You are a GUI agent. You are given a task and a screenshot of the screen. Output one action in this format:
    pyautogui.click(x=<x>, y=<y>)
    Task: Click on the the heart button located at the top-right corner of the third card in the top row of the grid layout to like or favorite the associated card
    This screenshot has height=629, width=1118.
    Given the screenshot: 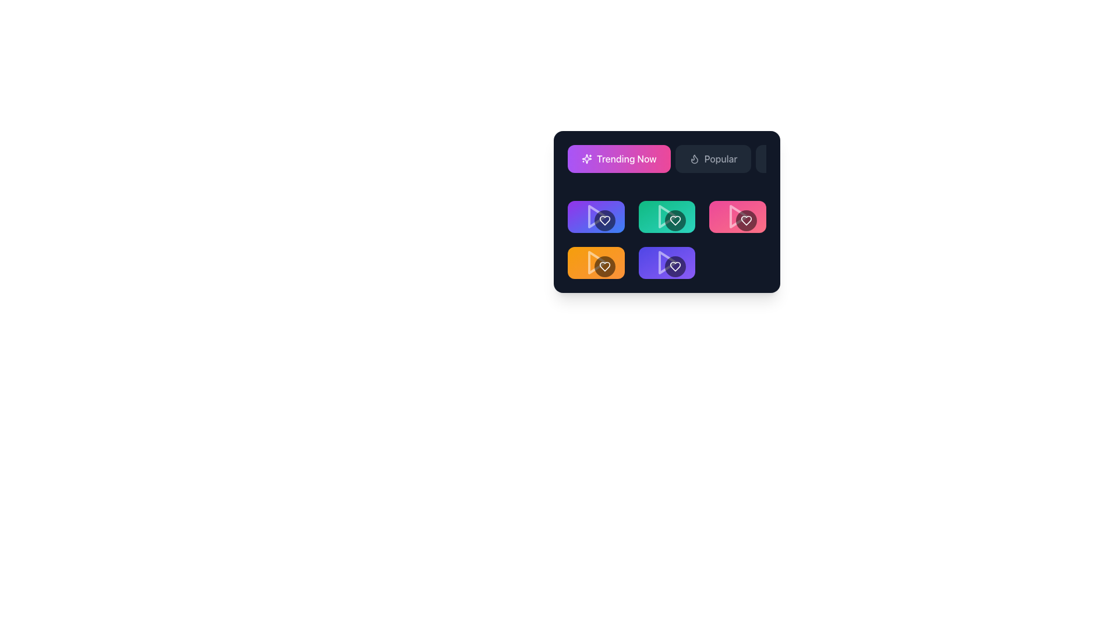 What is the action you would take?
    pyautogui.click(x=746, y=220)
    